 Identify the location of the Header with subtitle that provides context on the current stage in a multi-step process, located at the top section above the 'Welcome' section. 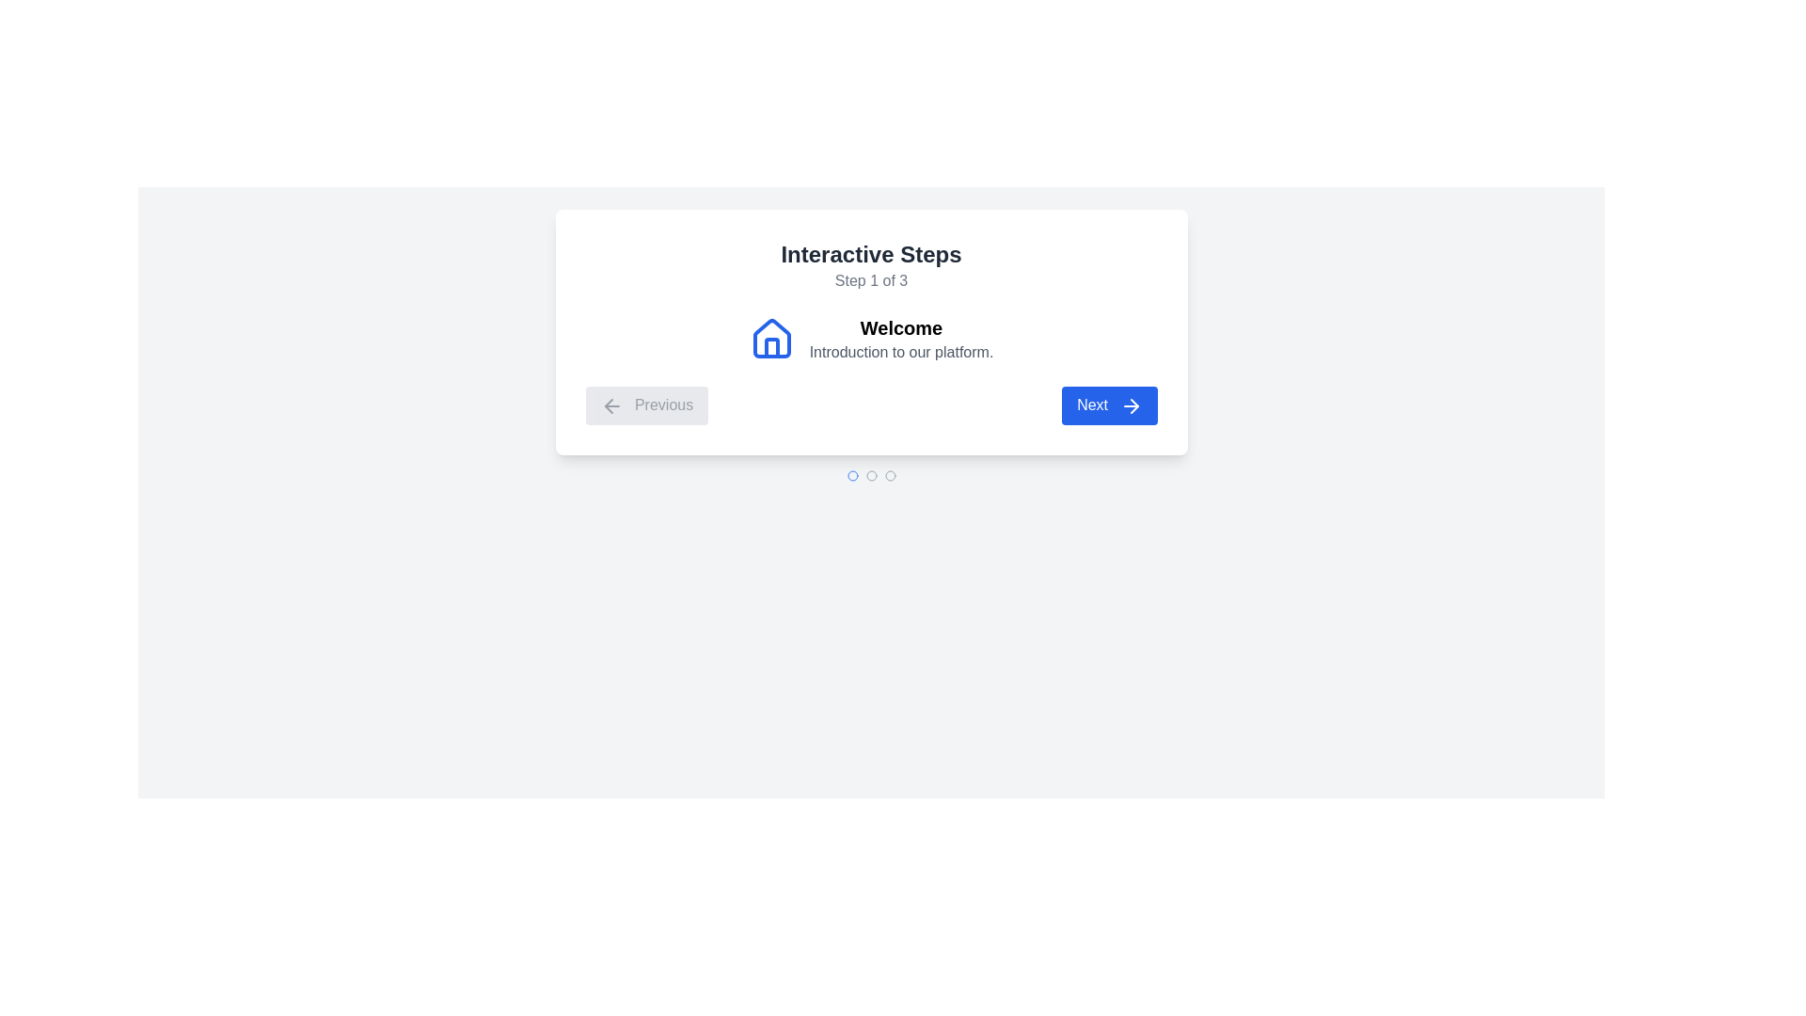
(870, 265).